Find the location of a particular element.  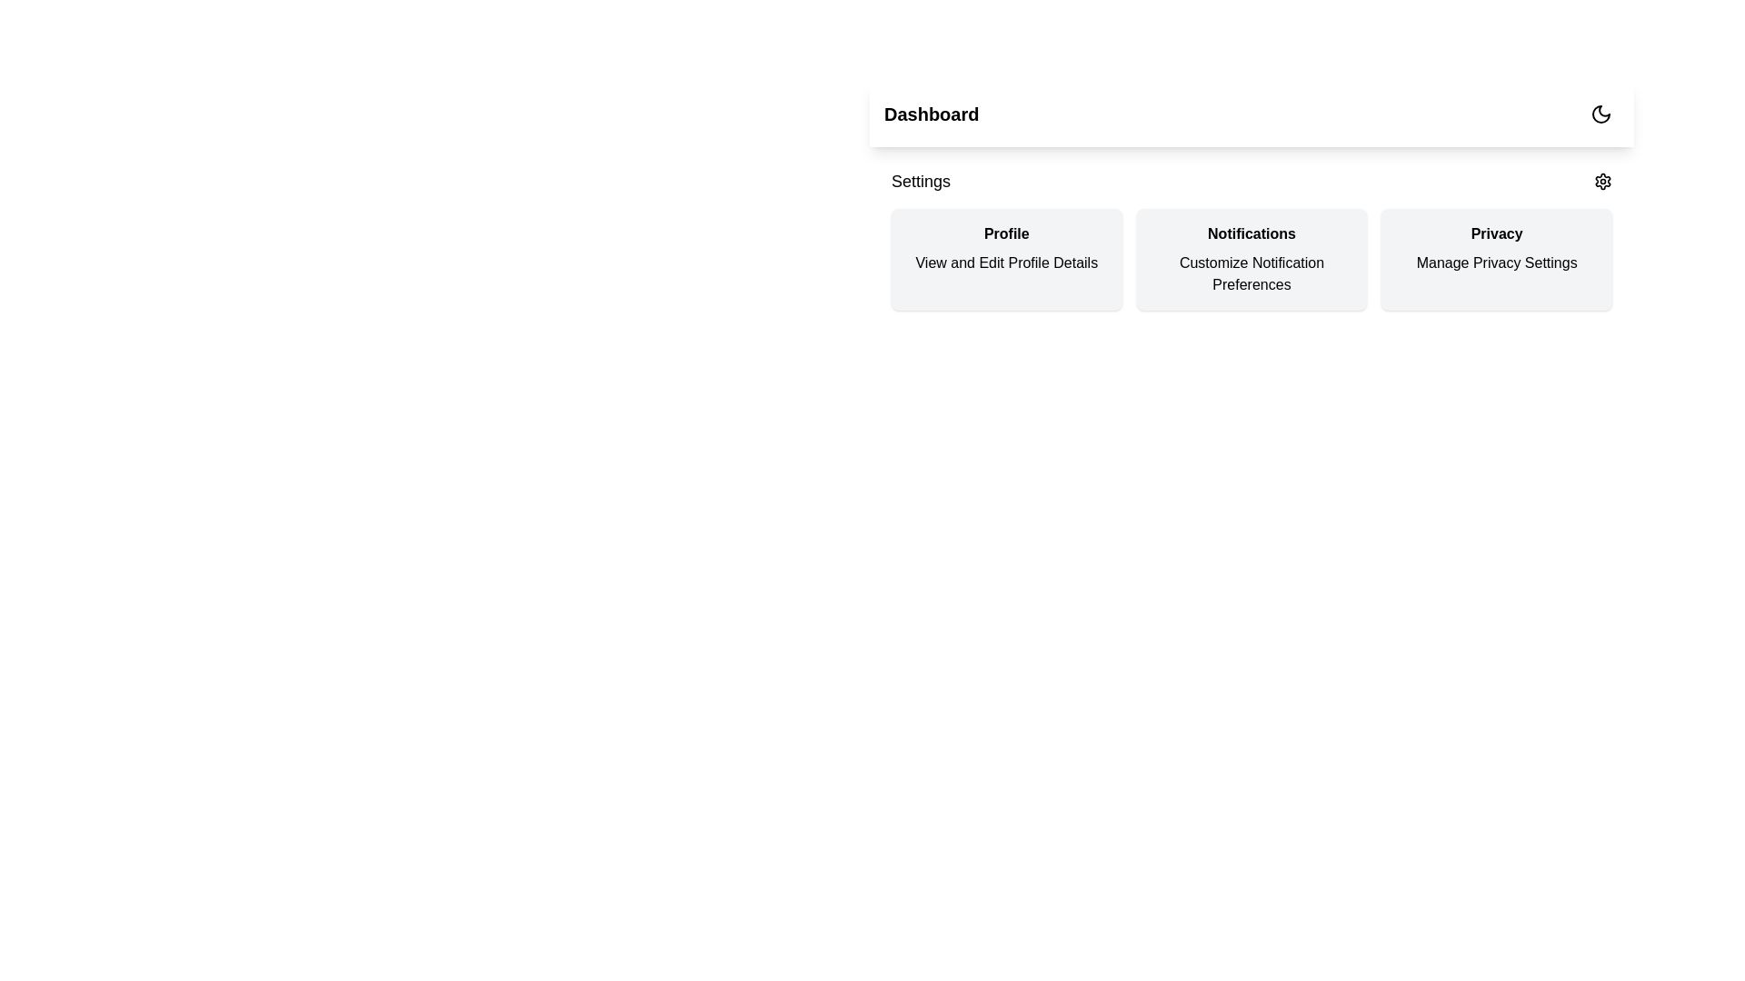

the 'Privacy' card component, which has a light gray background and contains the texts 'Privacy' in bold and 'Manage Privacy Settings' below it is located at coordinates (1497, 259).